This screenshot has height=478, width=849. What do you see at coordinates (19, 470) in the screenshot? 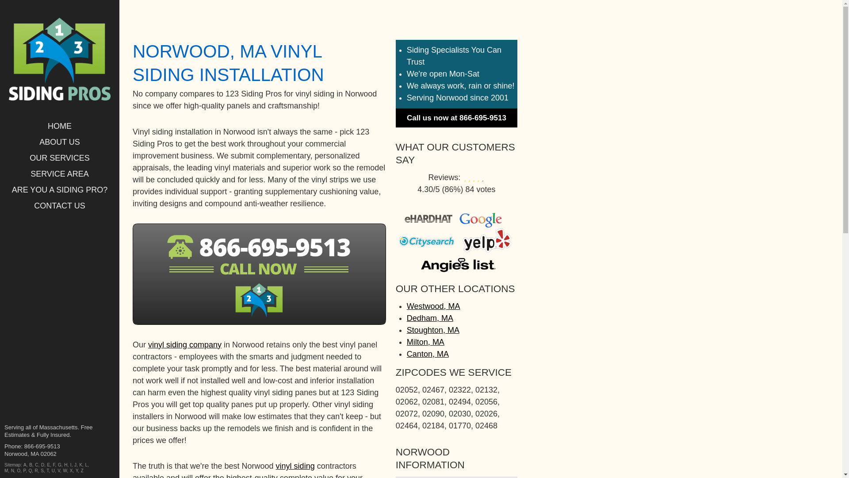
I see `'O'` at bounding box center [19, 470].